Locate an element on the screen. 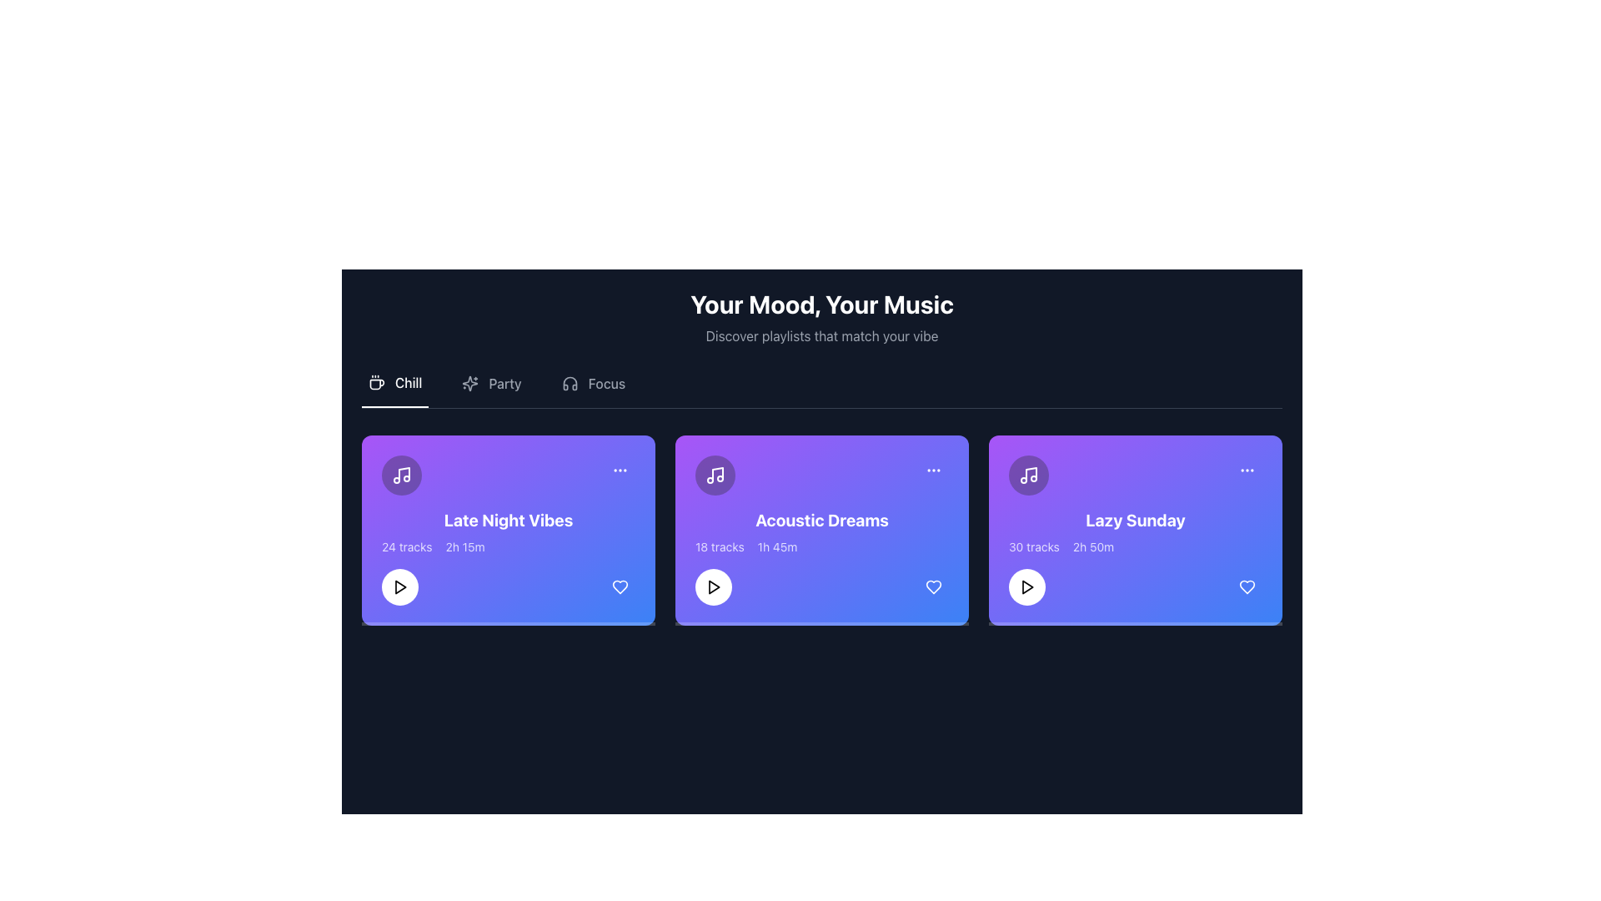 The width and height of the screenshot is (1601, 901). the circular play button with a white background and black triangular play icon located at the bottom center of the 'Lazy Sunday' card to play the playlist is located at coordinates (1026, 586).